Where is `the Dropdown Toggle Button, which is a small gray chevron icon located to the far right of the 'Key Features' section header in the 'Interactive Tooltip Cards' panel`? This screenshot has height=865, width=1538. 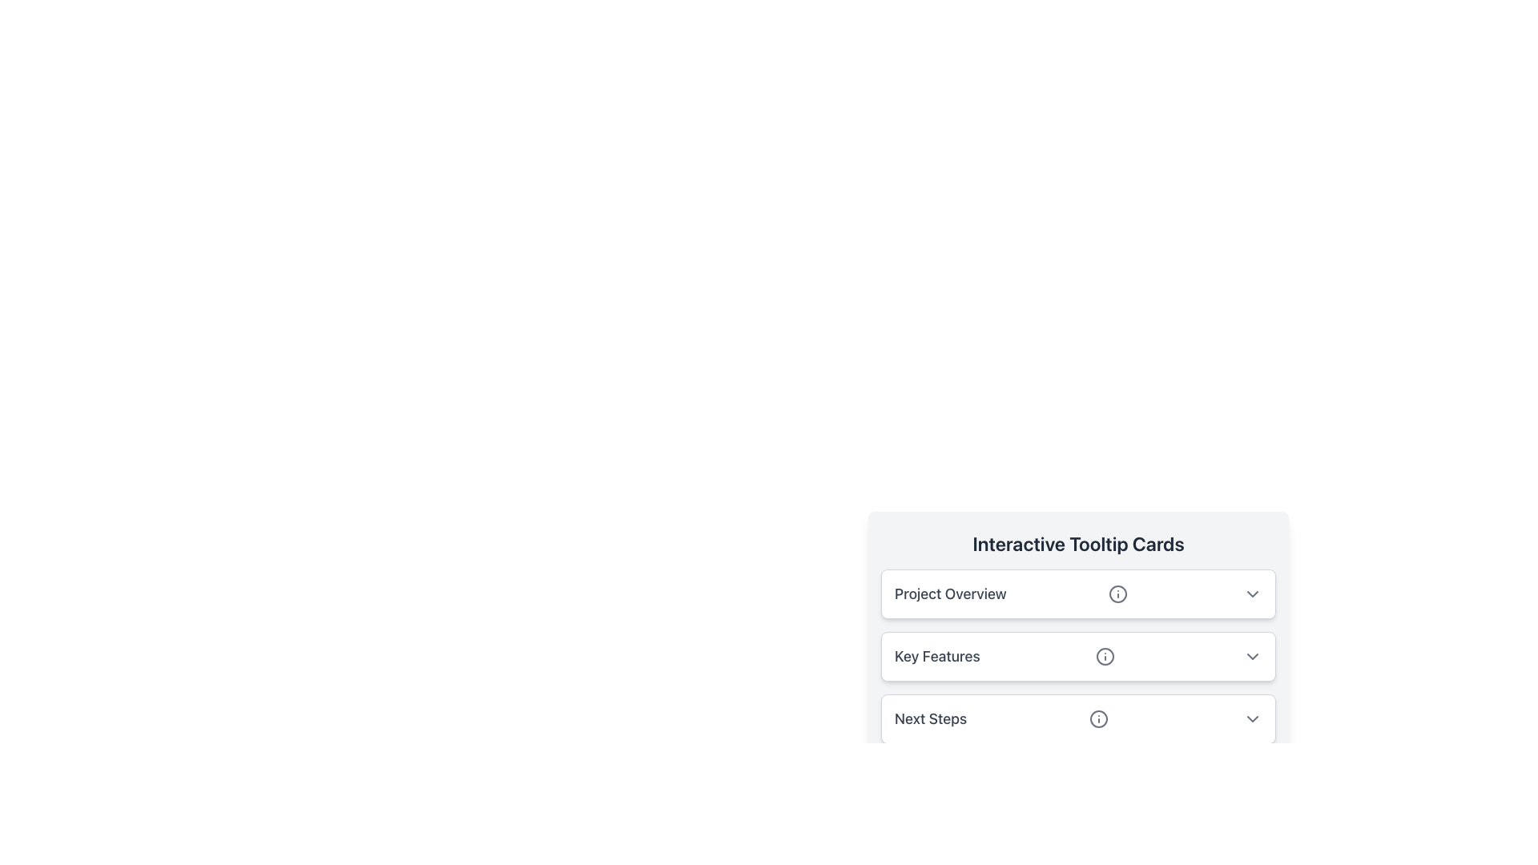 the Dropdown Toggle Button, which is a small gray chevron icon located to the far right of the 'Key Features' section header in the 'Interactive Tooltip Cards' panel is located at coordinates (1252, 657).